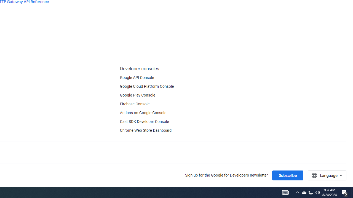 This screenshot has width=353, height=198. Describe the element at coordinates (137, 95) in the screenshot. I see `'Google Play Console'` at that location.